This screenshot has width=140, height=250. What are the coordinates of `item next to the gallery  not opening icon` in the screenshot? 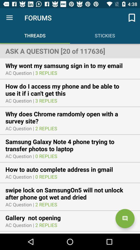 It's located at (125, 218).